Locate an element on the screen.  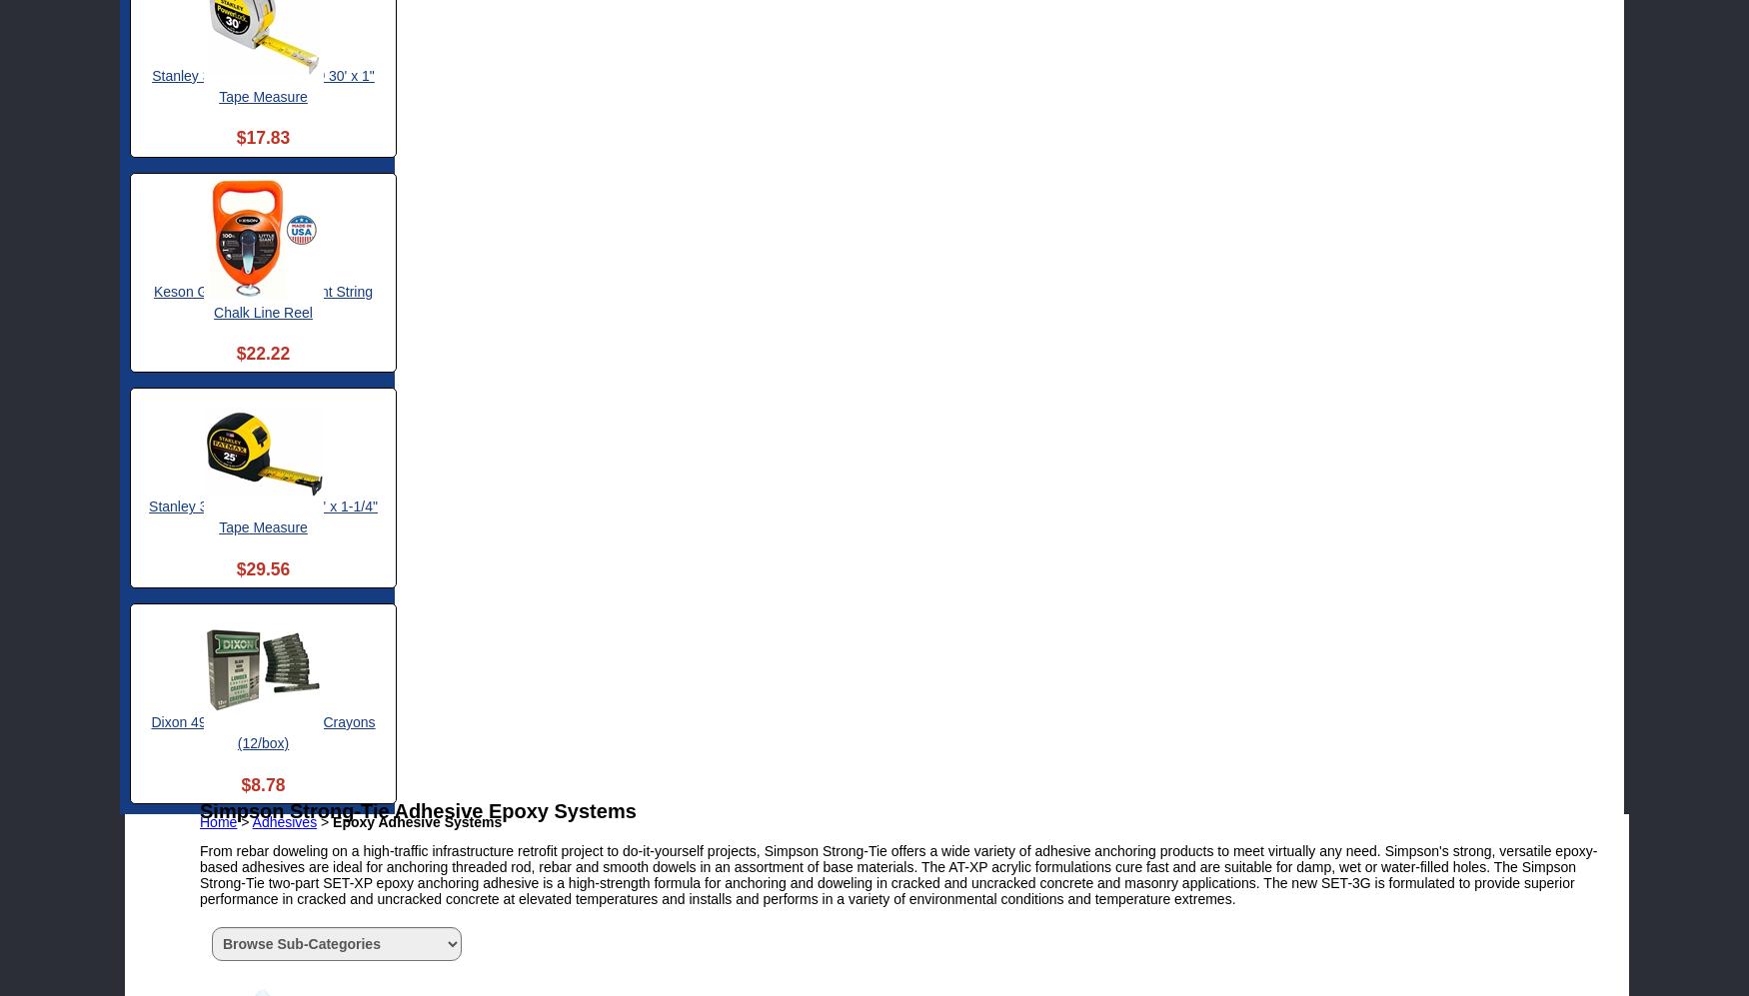
'$29.56' is located at coordinates (262, 567).